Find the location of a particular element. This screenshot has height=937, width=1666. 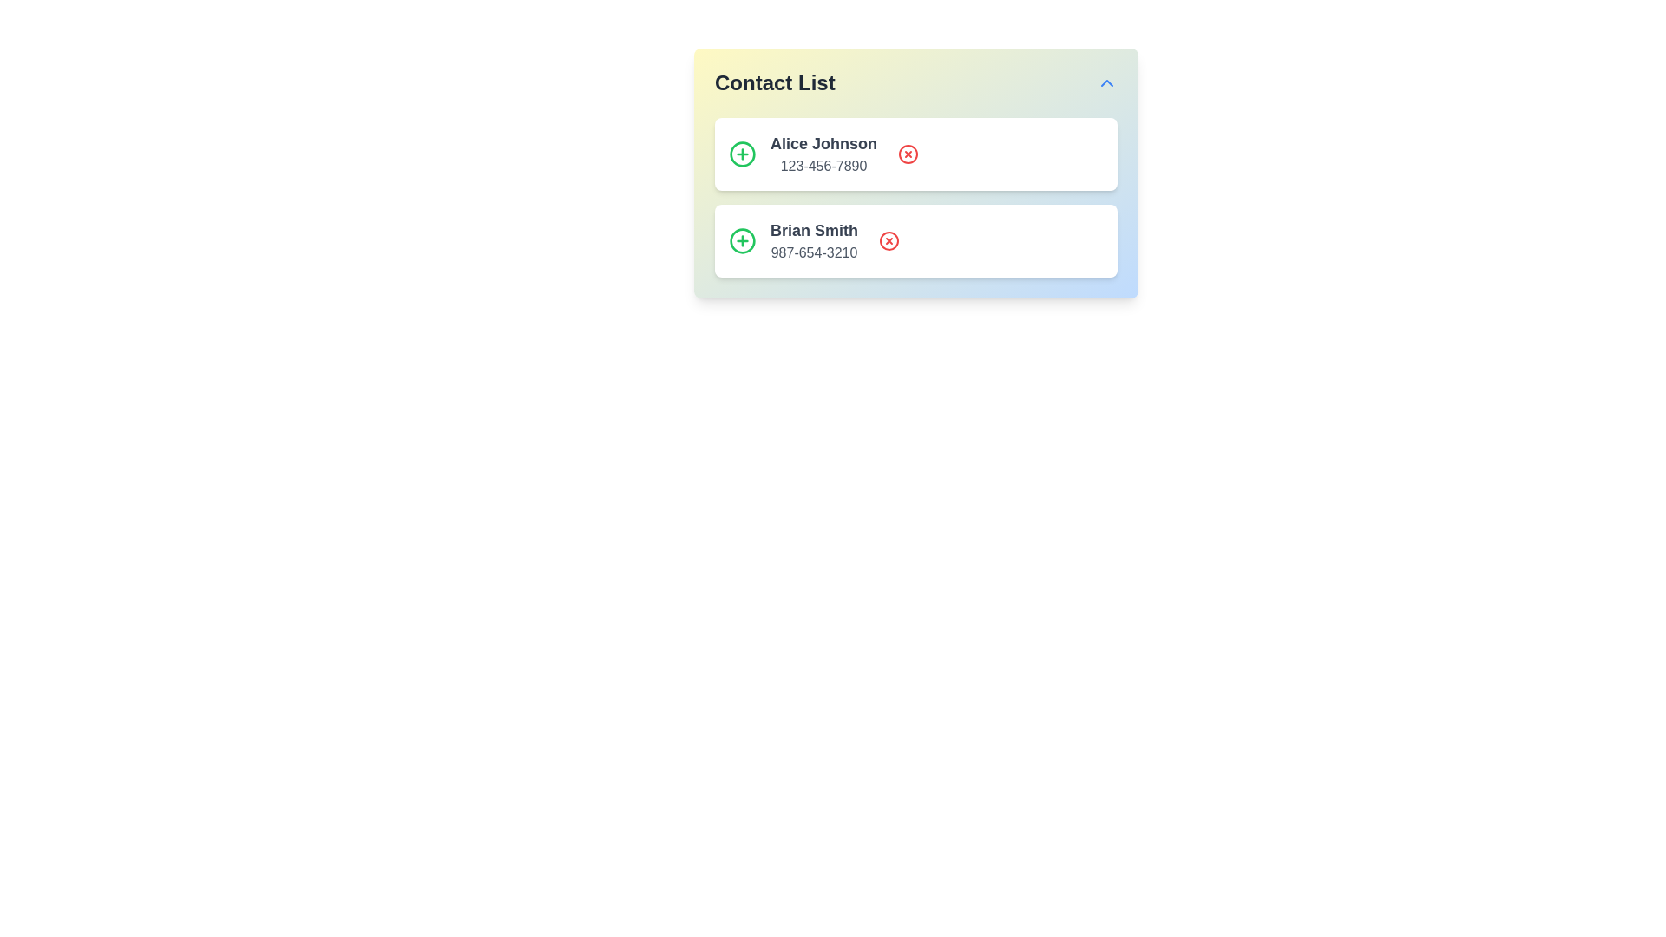

the phone number text label belonging to the contact 'Brian Smith', which is located below the name within the second contact card in the list is located at coordinates (813, 253).